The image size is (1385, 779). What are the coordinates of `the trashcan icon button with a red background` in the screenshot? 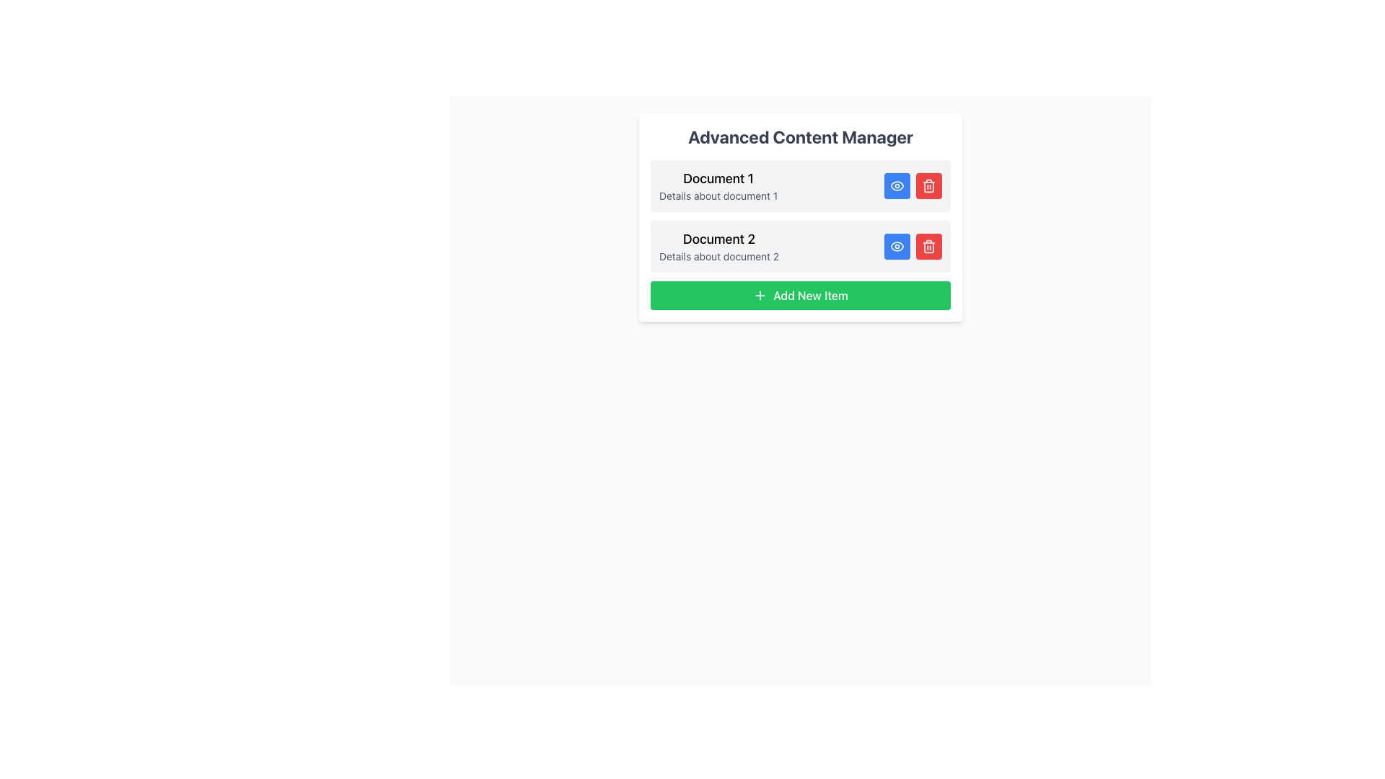 It's located at (928, 246).